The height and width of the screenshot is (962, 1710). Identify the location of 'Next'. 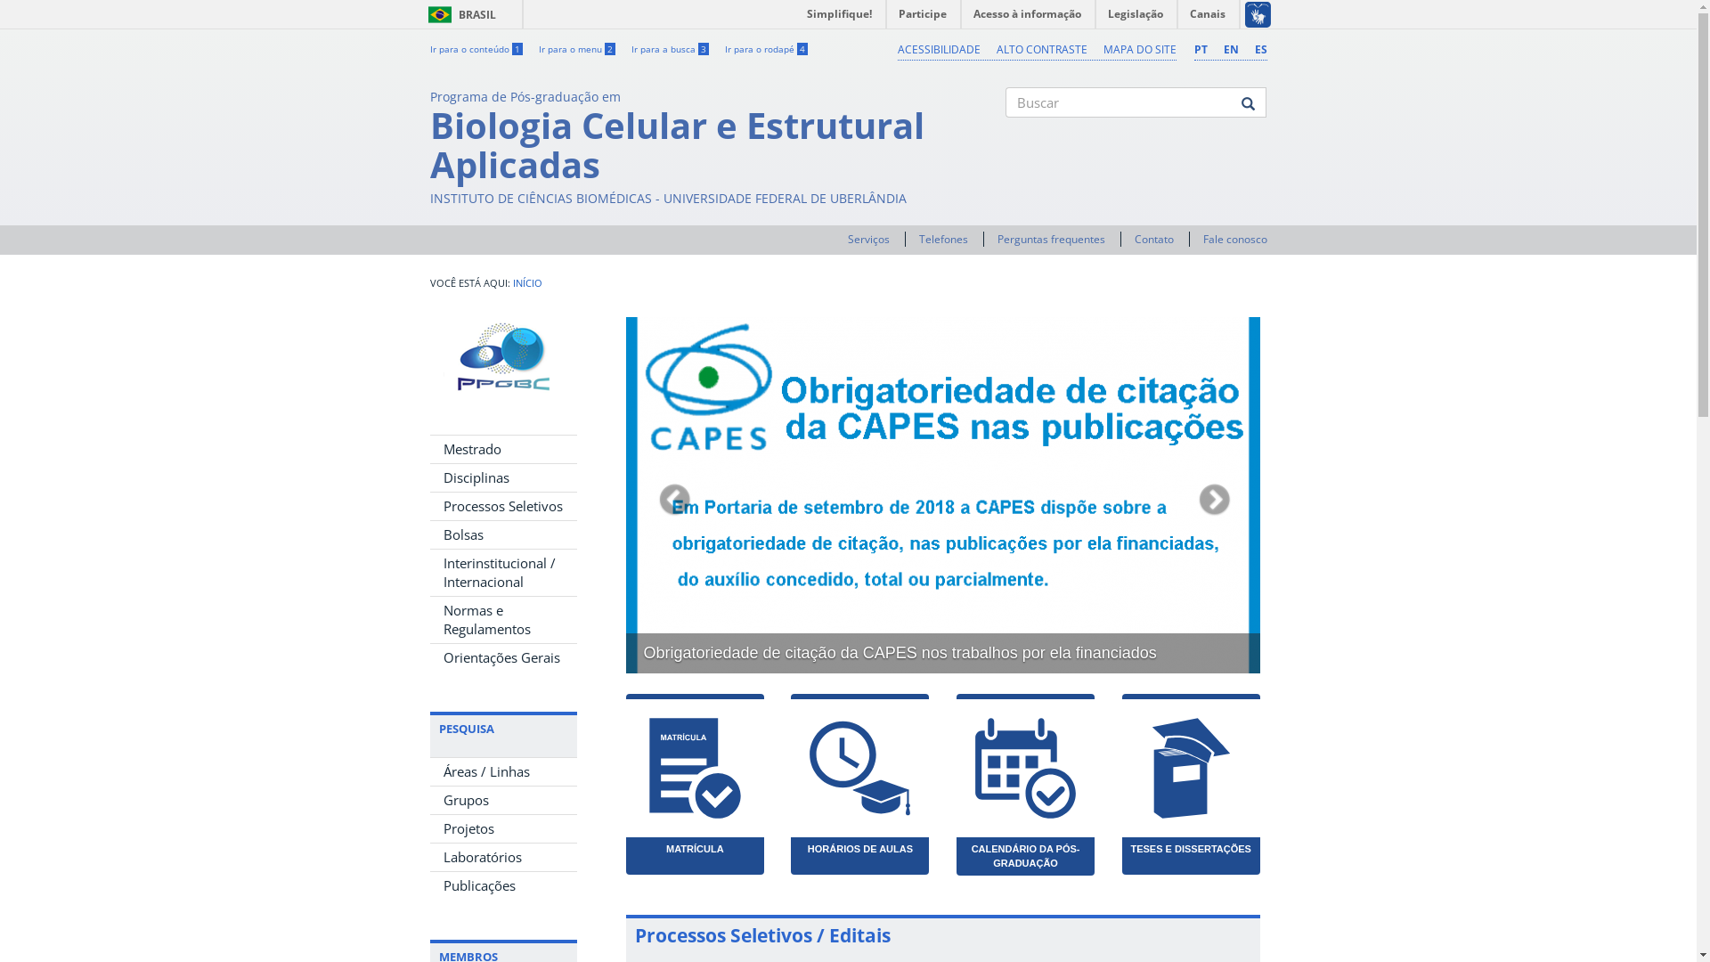
(1211, 494).